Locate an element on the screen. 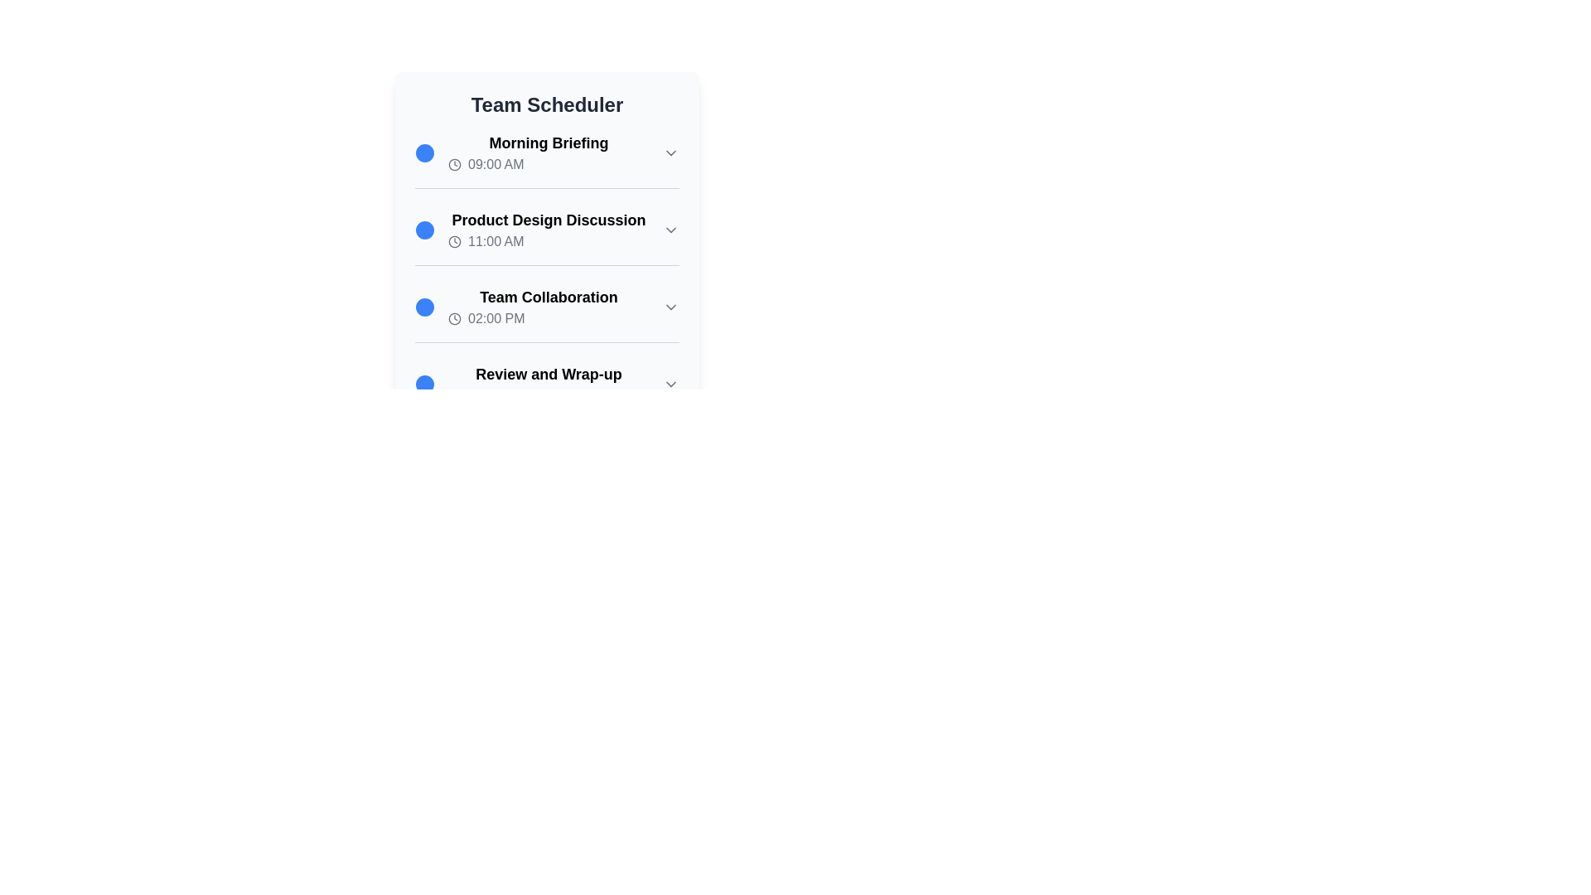 This screenshot has height=895, width=1591. informational list item titled 'Morning Briefing' with the time '09:00 AM' located in the first slot under the 'Team Scheduler' header is located at coordinates (549, 153).